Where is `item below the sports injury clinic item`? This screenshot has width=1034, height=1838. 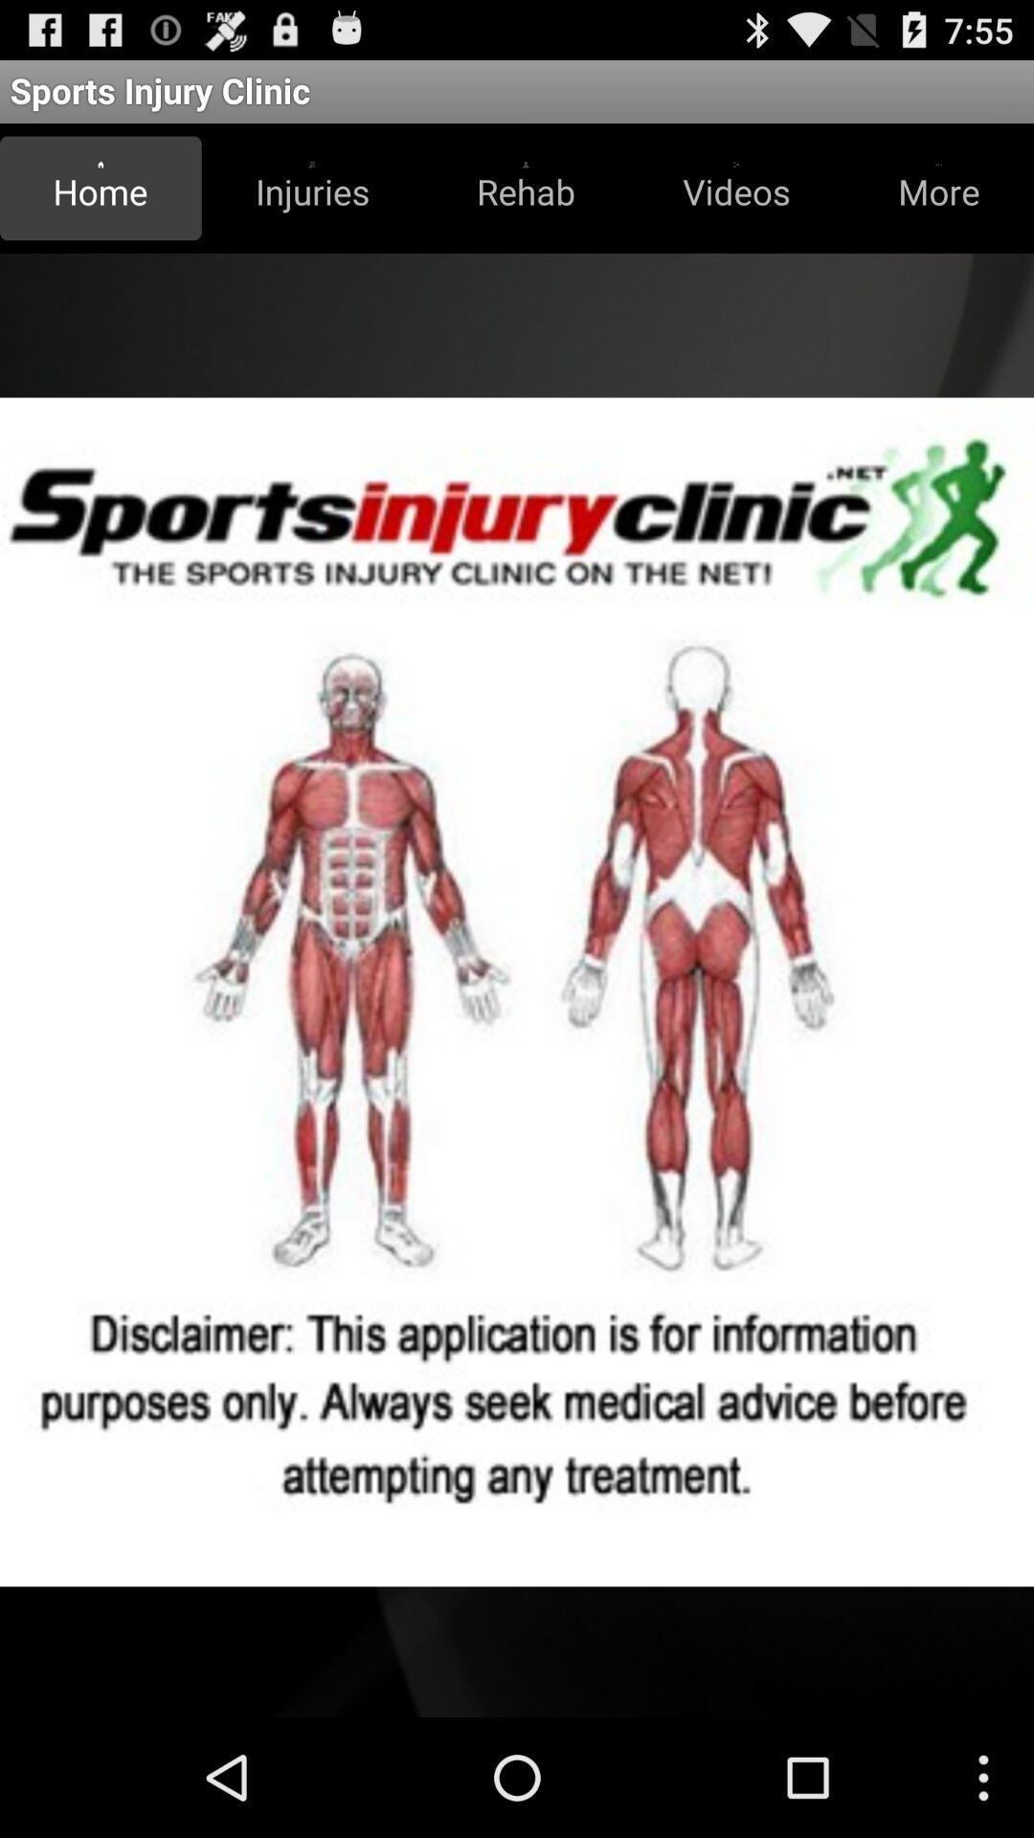
item below the sports injury clinic item is located at coordinates (937, 188).